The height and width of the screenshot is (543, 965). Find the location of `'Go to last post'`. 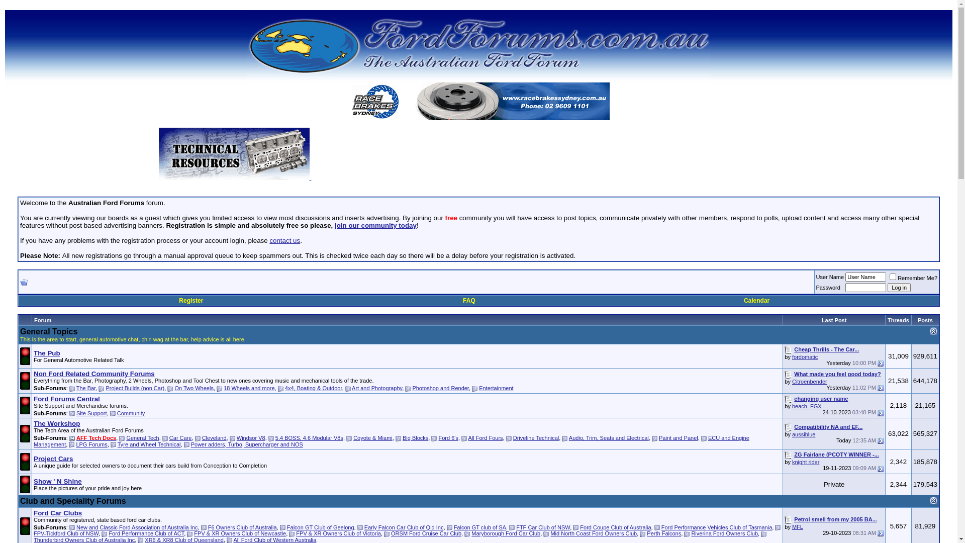

'Go to last post' is located at coordinates (877, 363).